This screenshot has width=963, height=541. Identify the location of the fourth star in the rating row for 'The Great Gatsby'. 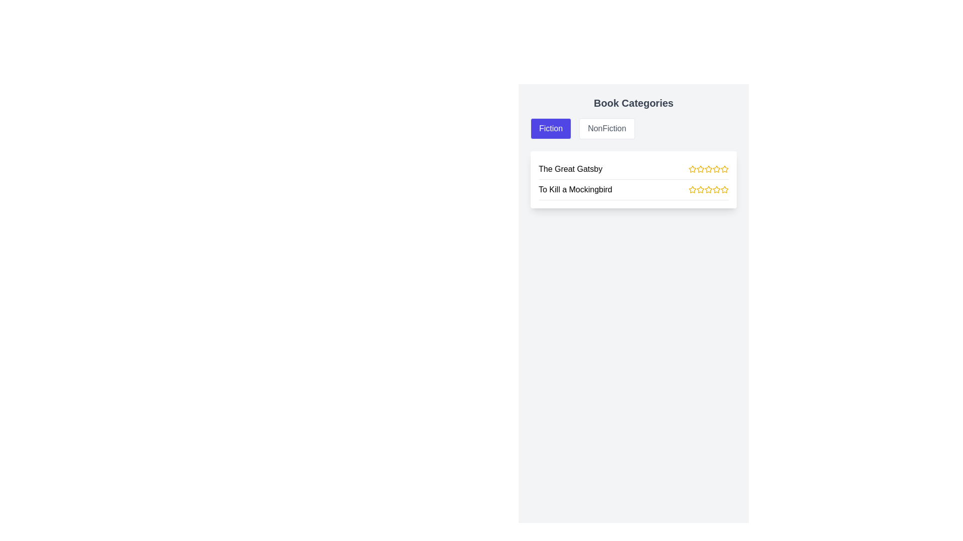
(708, 168).